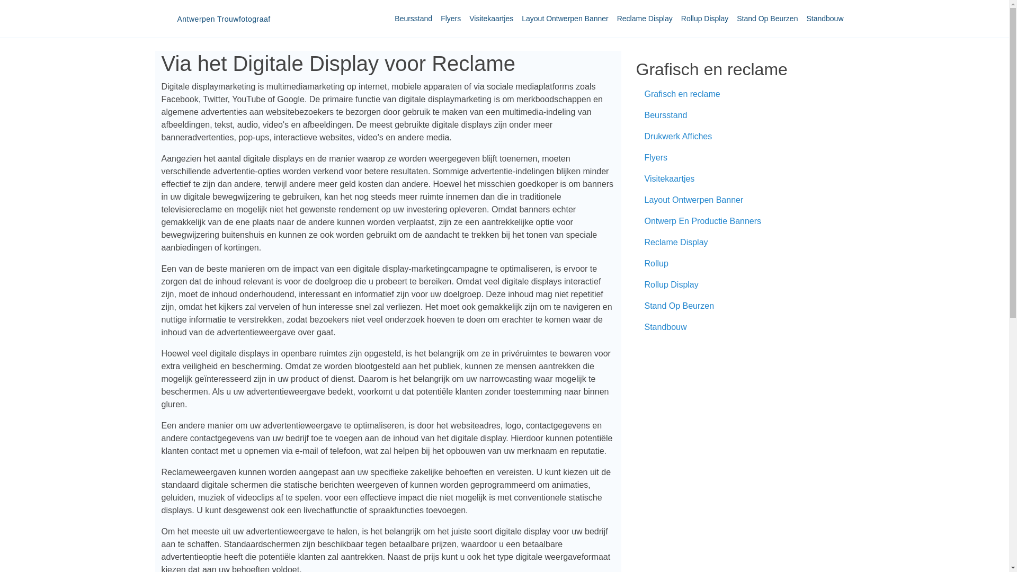 Image resolution: width=1017 pixels, height=572 pixels. I want to click on 'Reclame Display', so click(644, 19).